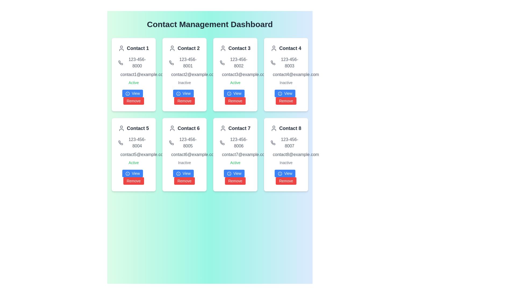 Image resolution: width=516 pixels, height=290 pixels. Describe the element at coordinates (132, 173) in the screenshot. I see `the button located at the bottom left of the 'Contact 5' card in the 'Contact Management Dashboard'` at that location.